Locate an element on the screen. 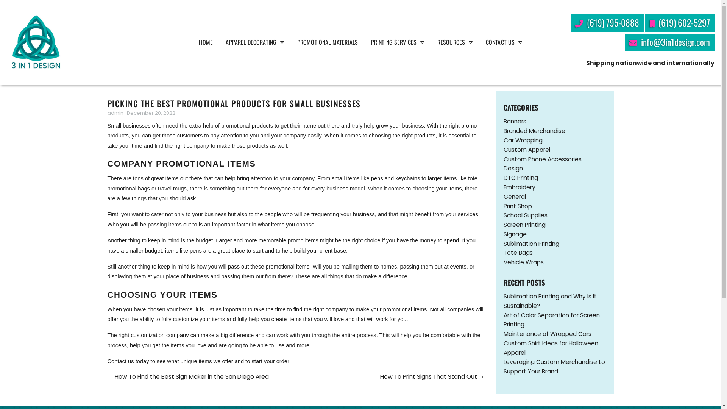 The height and width of the screenshot is (409, 727). 'General' is located at coordinates (515, 196).